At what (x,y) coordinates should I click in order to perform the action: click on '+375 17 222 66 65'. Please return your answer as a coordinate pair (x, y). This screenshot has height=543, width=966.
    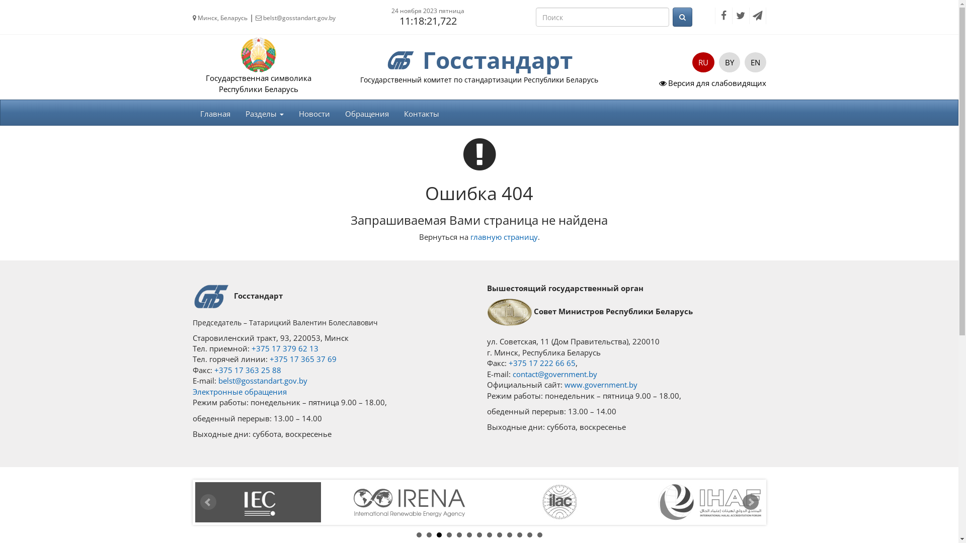
    Looking at the image, I should click on (541, 363).